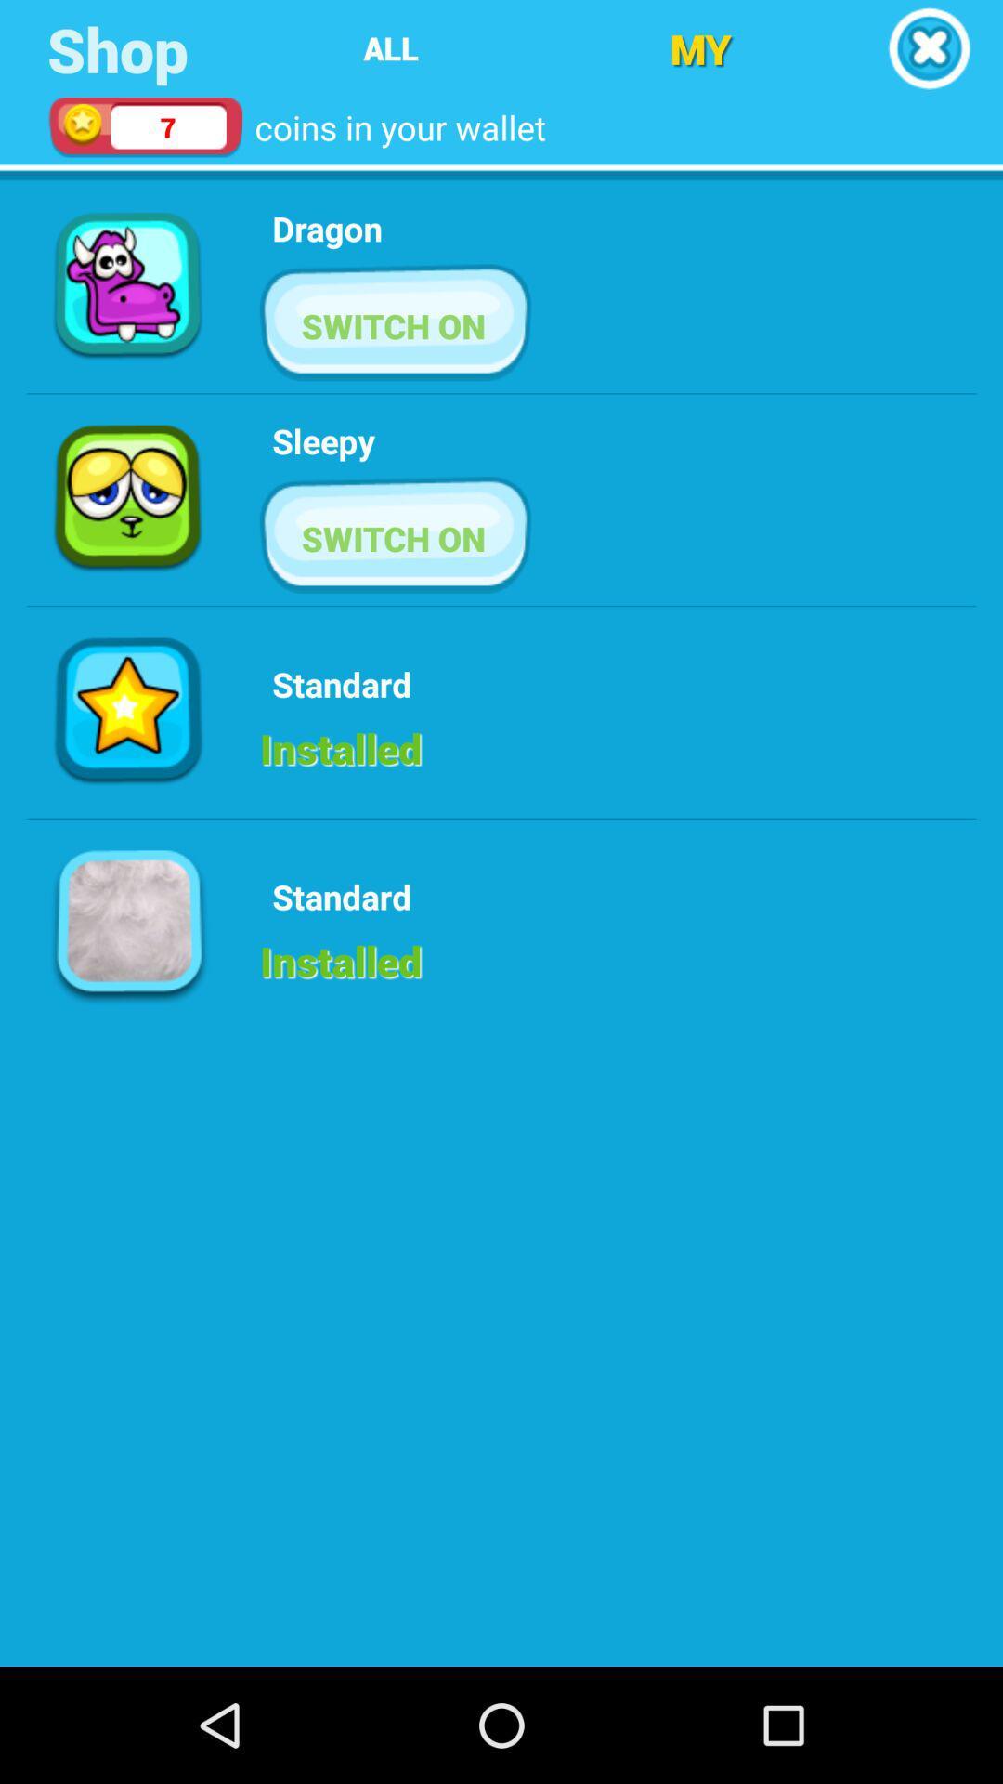 The height and width of the screenshot is (1784, 1003). Describe the element at coordinates (390, 48) in the screenshot. I see `icon to the right of the 7` at that location.